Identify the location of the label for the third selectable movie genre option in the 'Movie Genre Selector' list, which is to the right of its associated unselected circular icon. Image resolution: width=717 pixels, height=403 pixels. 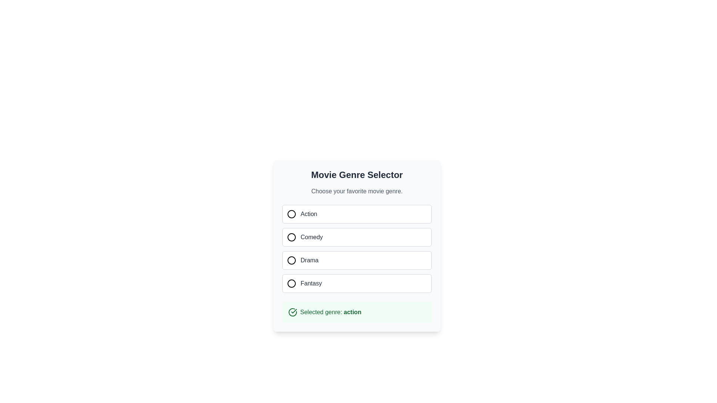
(310, 260).